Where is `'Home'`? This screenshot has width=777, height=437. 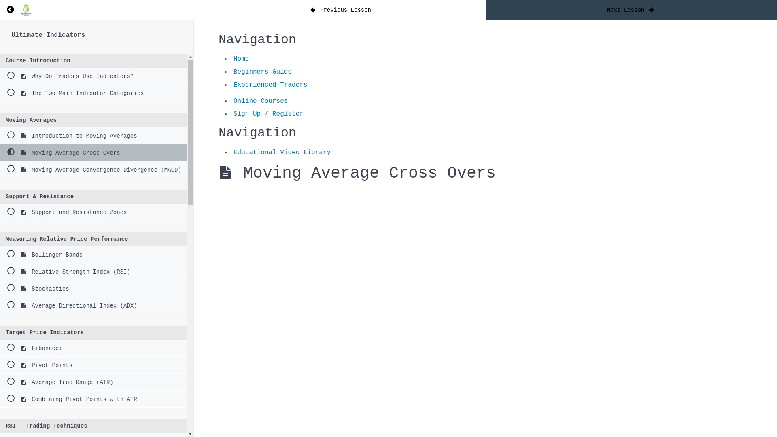
'Home' is located at coordinates (240, 59).